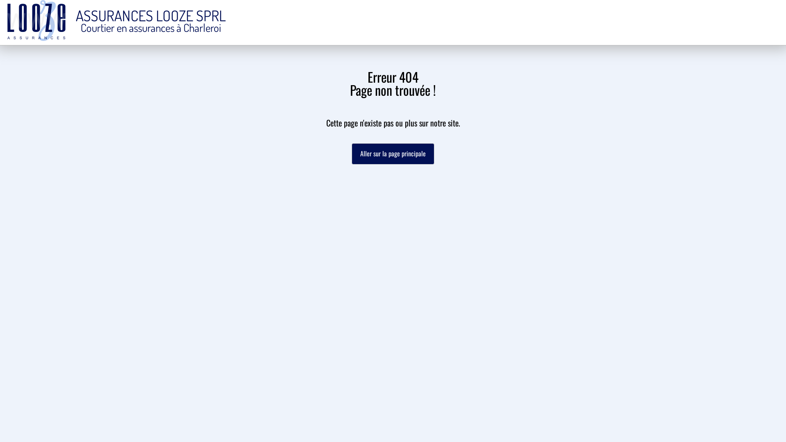  I want to click on 'Aller sur la page principale', so click(352, 153).